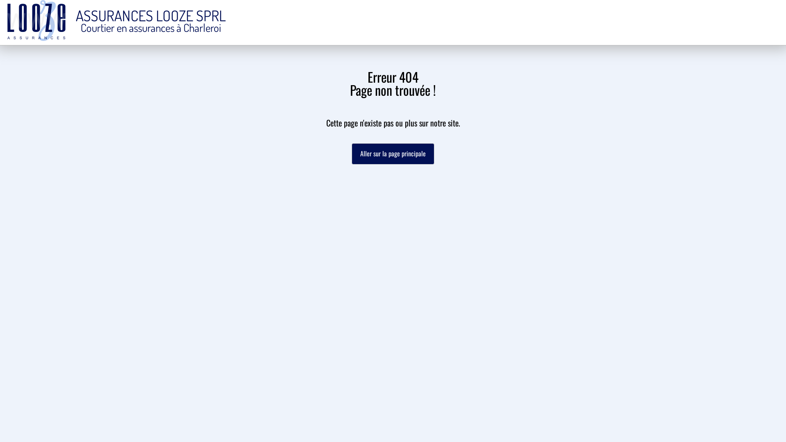  I want to click on 'Aller sur la page principale', so click(352, 153).